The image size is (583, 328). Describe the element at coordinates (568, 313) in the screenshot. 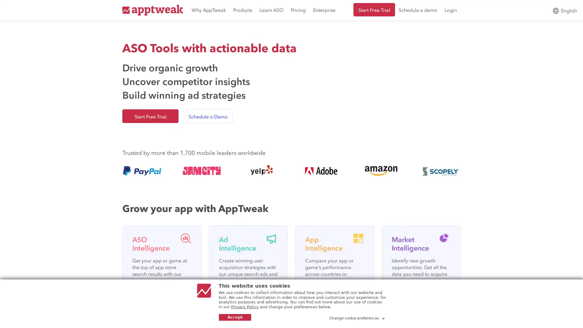

I see `Open Intercom Messenger` at that location.